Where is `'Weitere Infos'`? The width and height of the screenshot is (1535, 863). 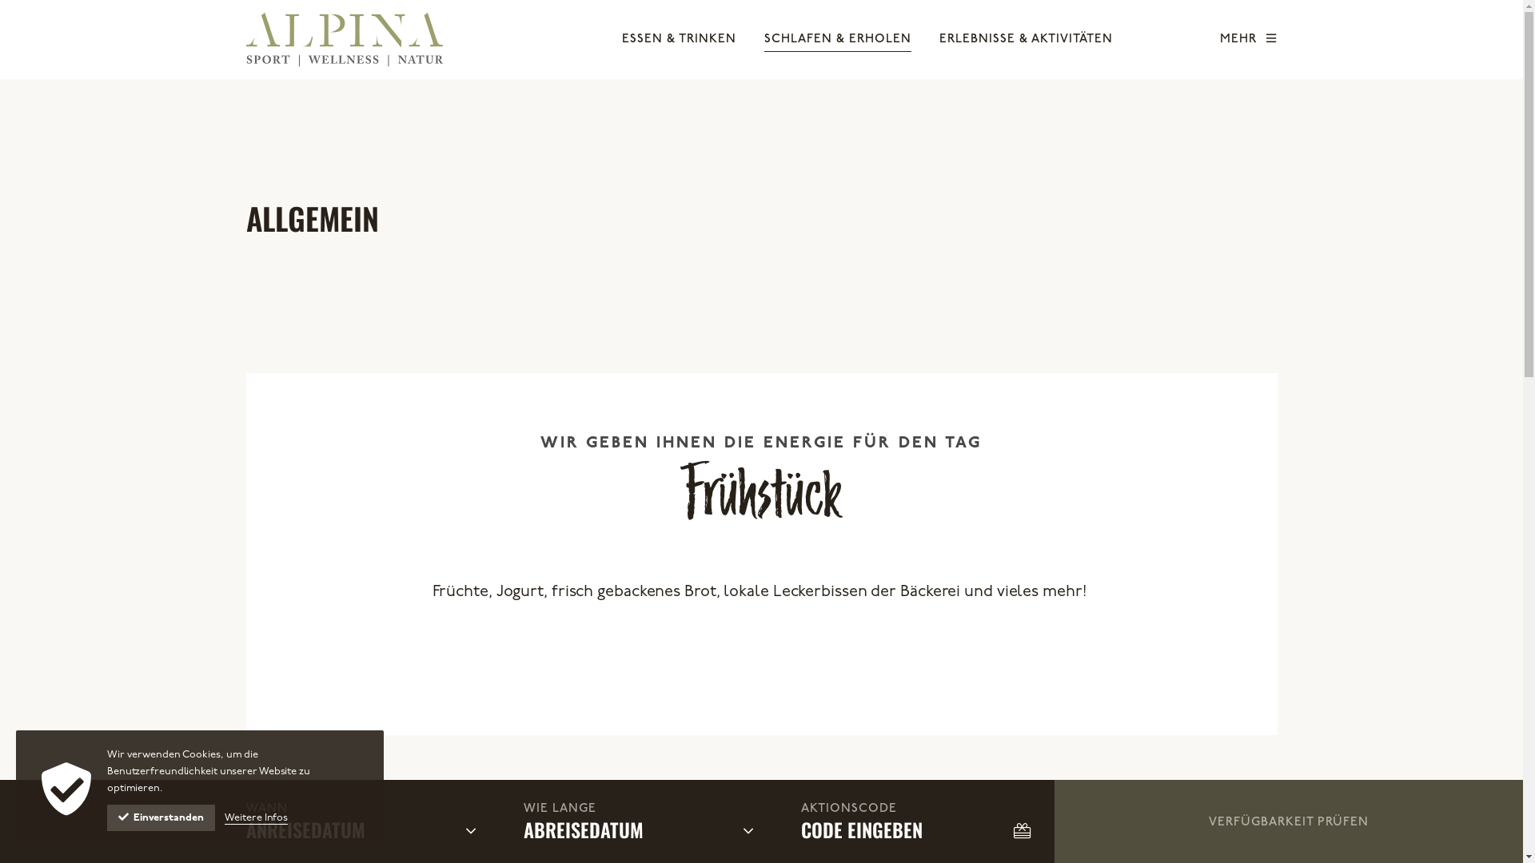 'Weitere Infos' is located at coordinates (249, 817).